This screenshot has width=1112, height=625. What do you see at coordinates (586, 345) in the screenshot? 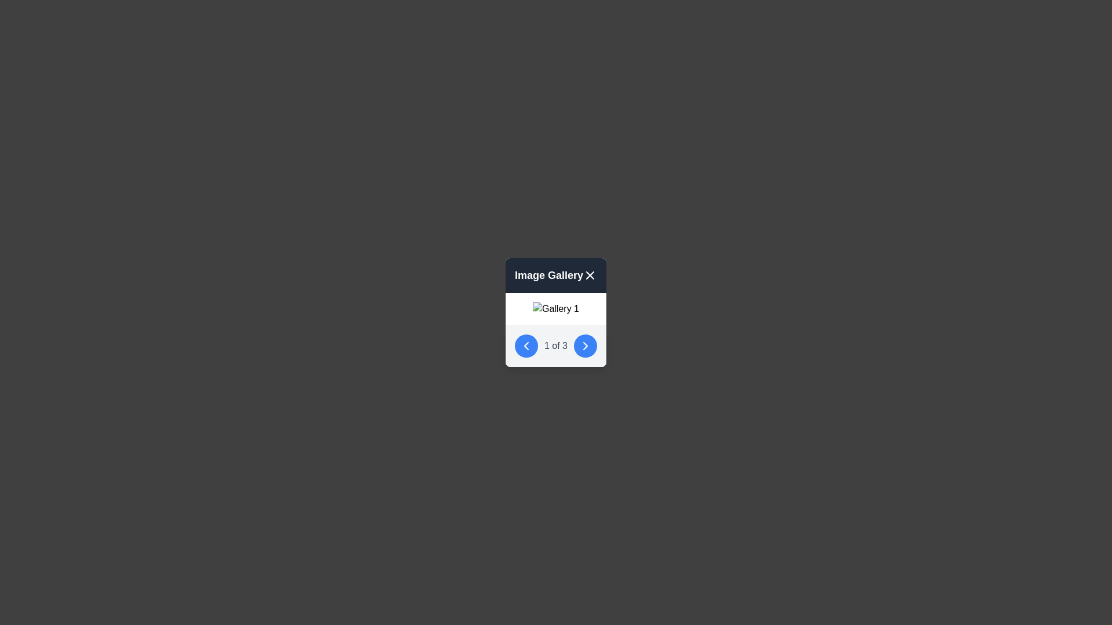
I see `the navigation icon for the gallery or carousel, located at the right side below the text '1 of 3' in the modal box` at bounding box center [586, 345].